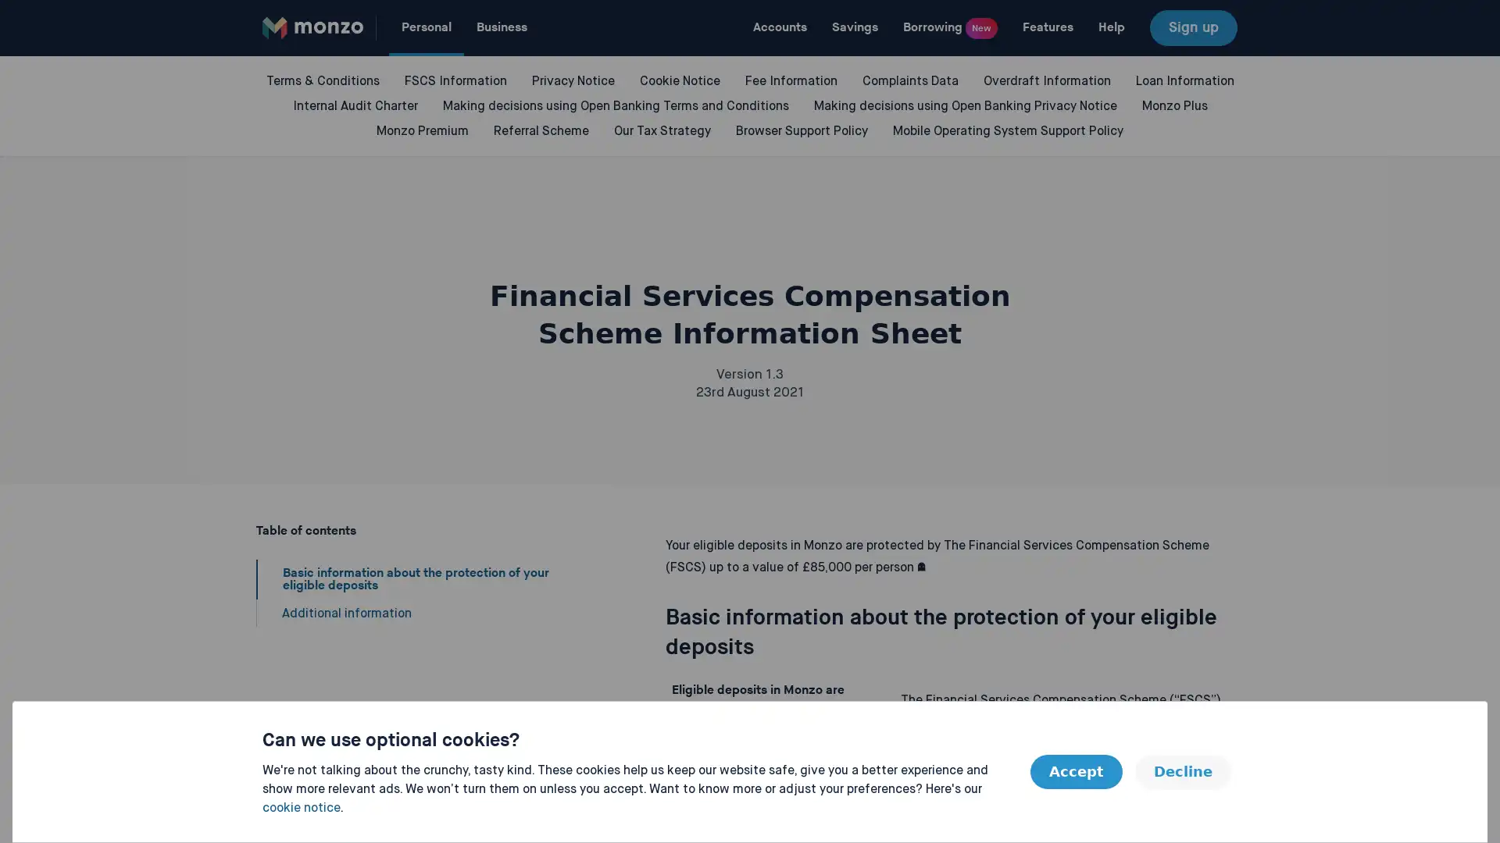 Image resolution: width=1500 pixels, height=843 pixels. Describe the element at coordinates (1075, 770) in the screenshot. I see `Accept` at that location.